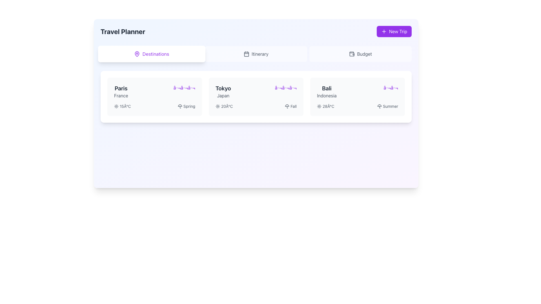 The height and width of the screenshot is (304, 541). I want to click on the travel destination card for Tokyo, Japan, which is located in the middle column of the 'Destinations' section, so click(256, 96).